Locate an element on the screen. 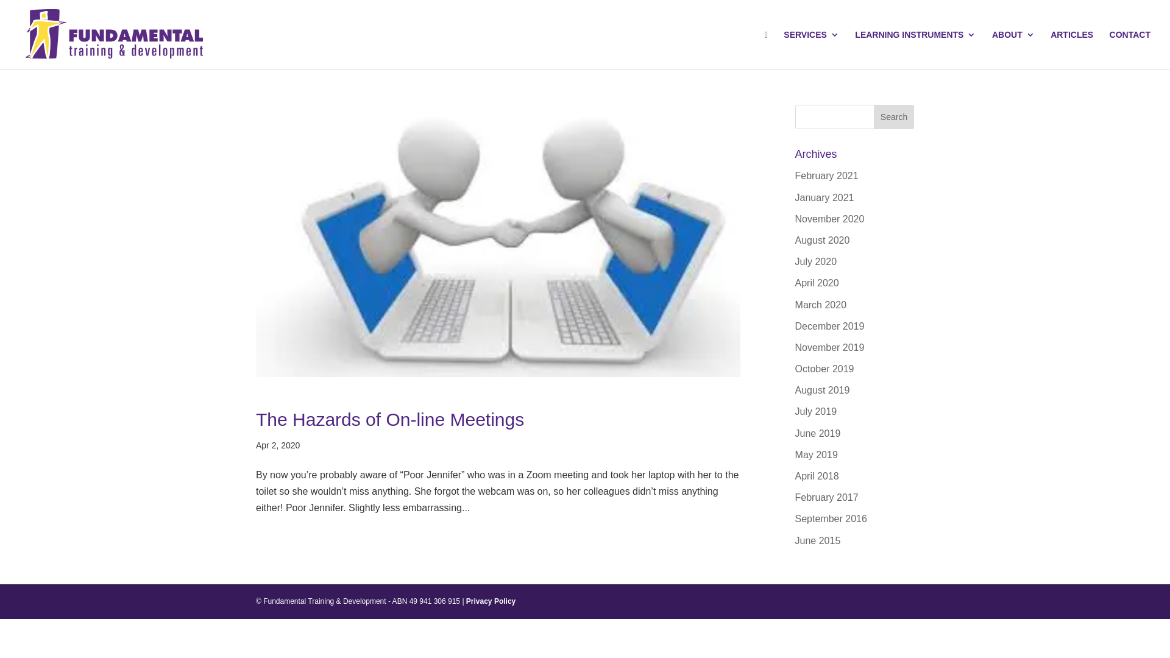 This screenshot has height=658, width=1170. 'September 2016' is located at coordinates (830, 518).